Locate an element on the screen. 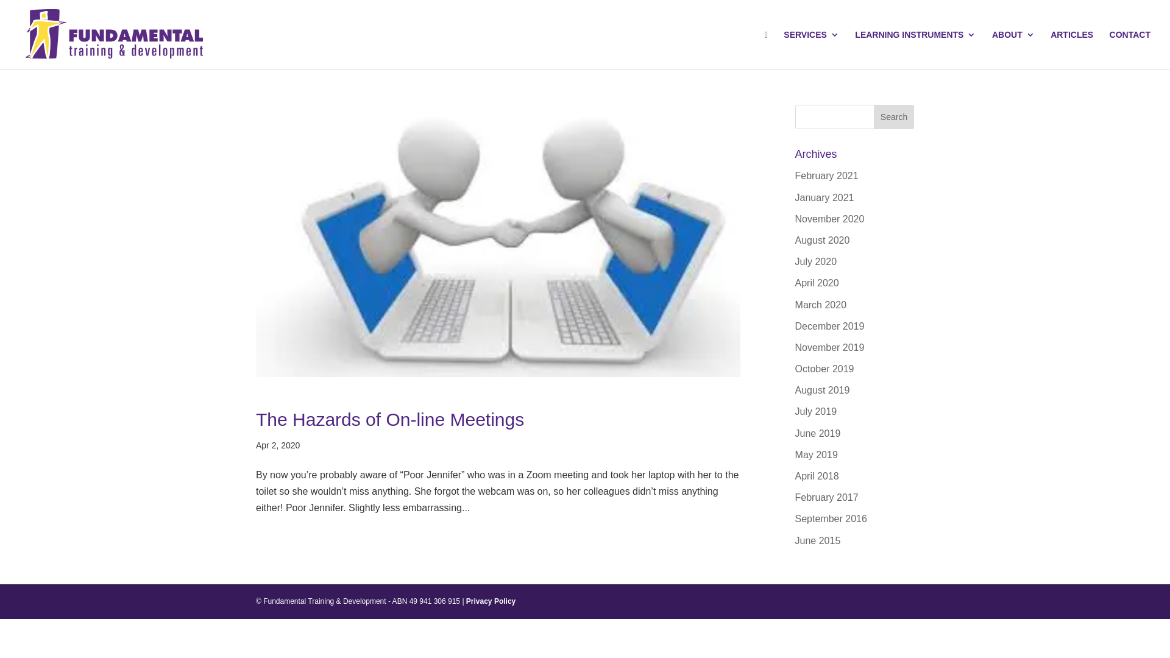 This screenshot has height=658, width=1170. 'September 2016' is located at coordinates (830, 518).